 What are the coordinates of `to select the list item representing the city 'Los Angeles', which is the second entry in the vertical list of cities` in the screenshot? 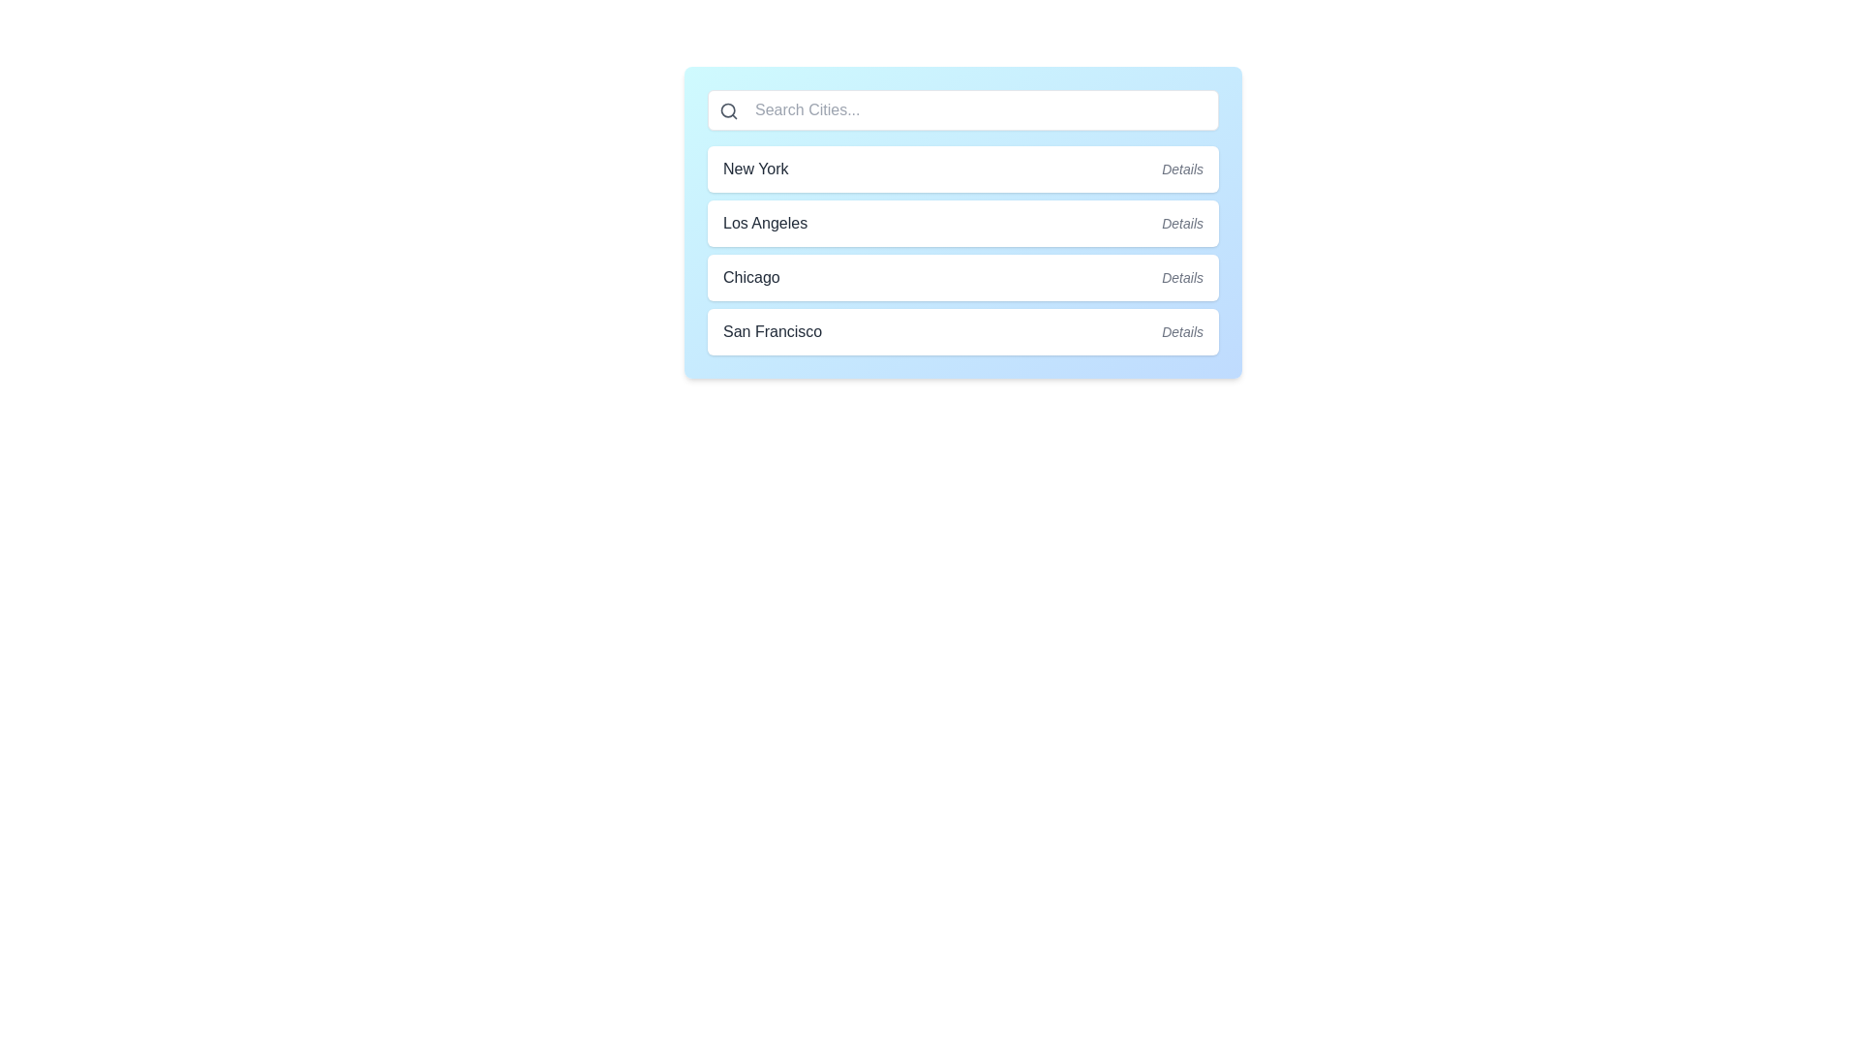 It's located at (962, 249).